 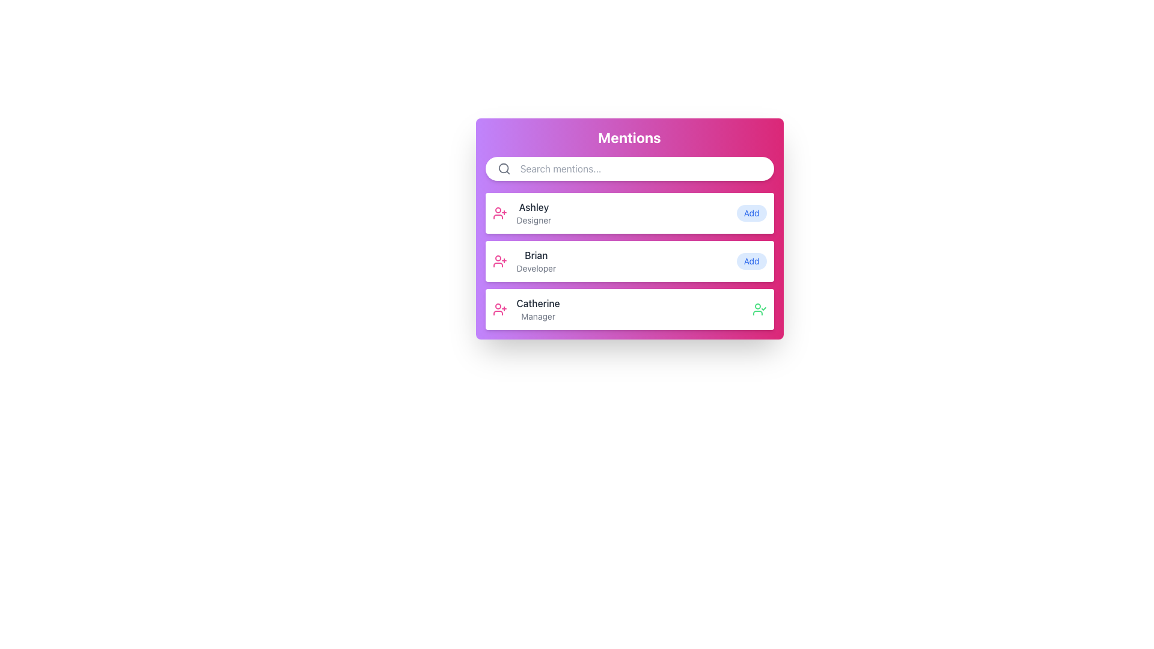 I want to click on text label indicating the user's job as 'Designer', located underneath the name 'Ashley' within the mentions modal, so click(x=533, y=220).